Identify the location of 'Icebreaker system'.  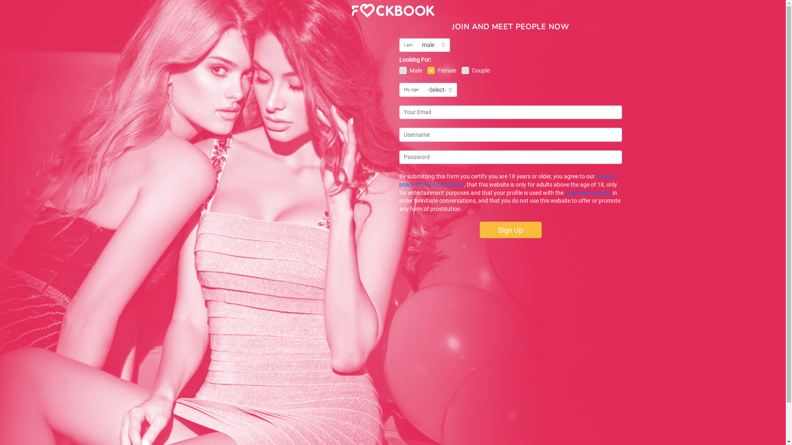
(587, 192).